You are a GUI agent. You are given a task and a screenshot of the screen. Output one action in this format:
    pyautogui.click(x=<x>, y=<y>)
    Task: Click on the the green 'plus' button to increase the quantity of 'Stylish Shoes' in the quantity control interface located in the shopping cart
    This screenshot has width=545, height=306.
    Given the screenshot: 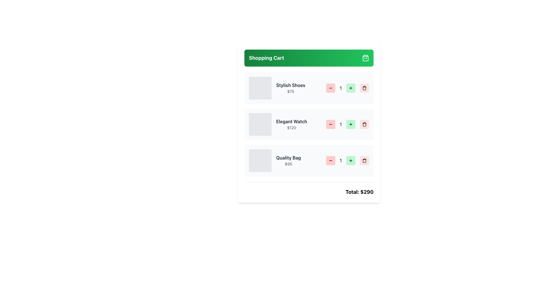 What is the action you would take?
    pyautogui.click(x=347, y=88)
    